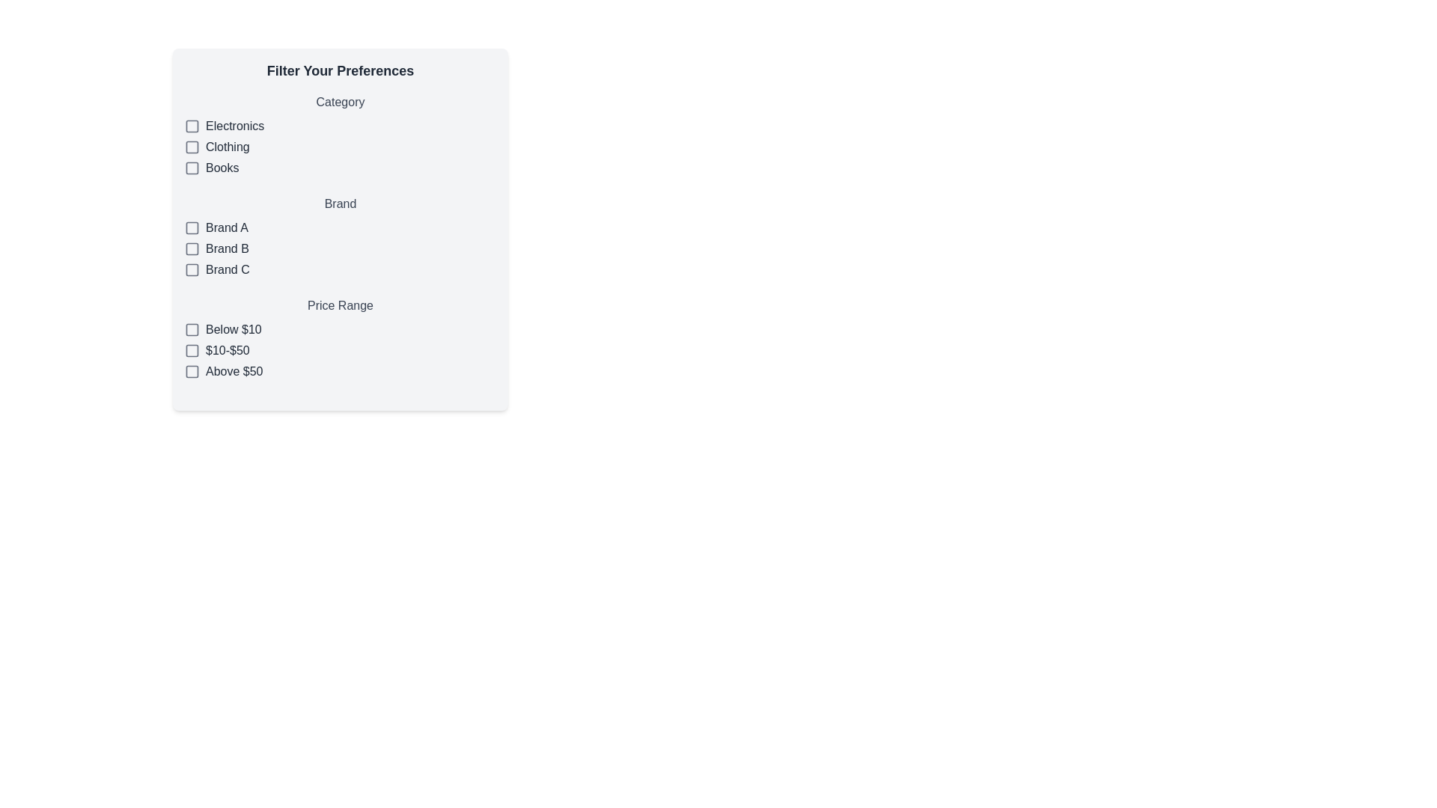 This screenshot has width=1437, height=808. What do you see at coordinates (340, 338) in the screenshot?
I see `the checkbox in the 'Price Range' section labeled '$10-$50' which is located under the 'Brand' section in the filtering panel` at bounding box center [340, 338].